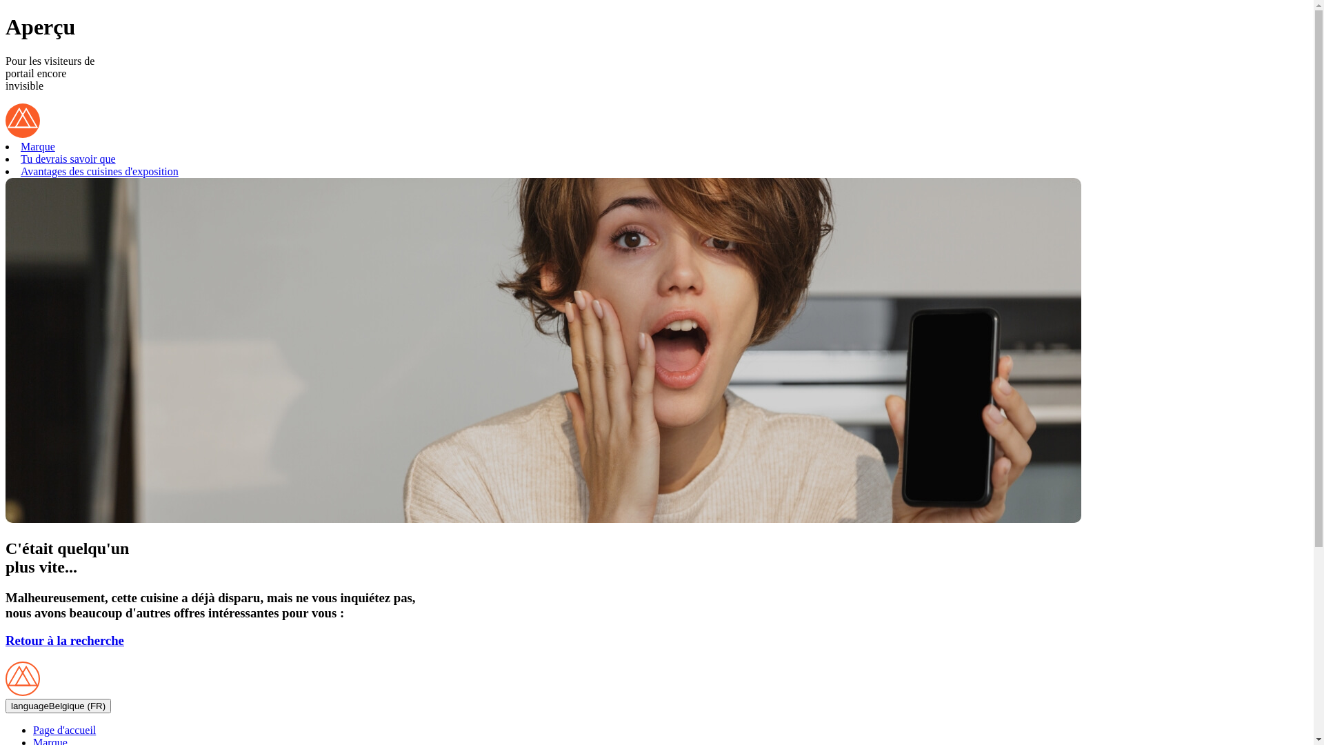 Image resolution: width=1324 pixels, height=745 pixels. What do you see at coordinates (68, 158) in the screenshot?
I see `'Tu devrais savoir que'` at bounding box center [68, 158].